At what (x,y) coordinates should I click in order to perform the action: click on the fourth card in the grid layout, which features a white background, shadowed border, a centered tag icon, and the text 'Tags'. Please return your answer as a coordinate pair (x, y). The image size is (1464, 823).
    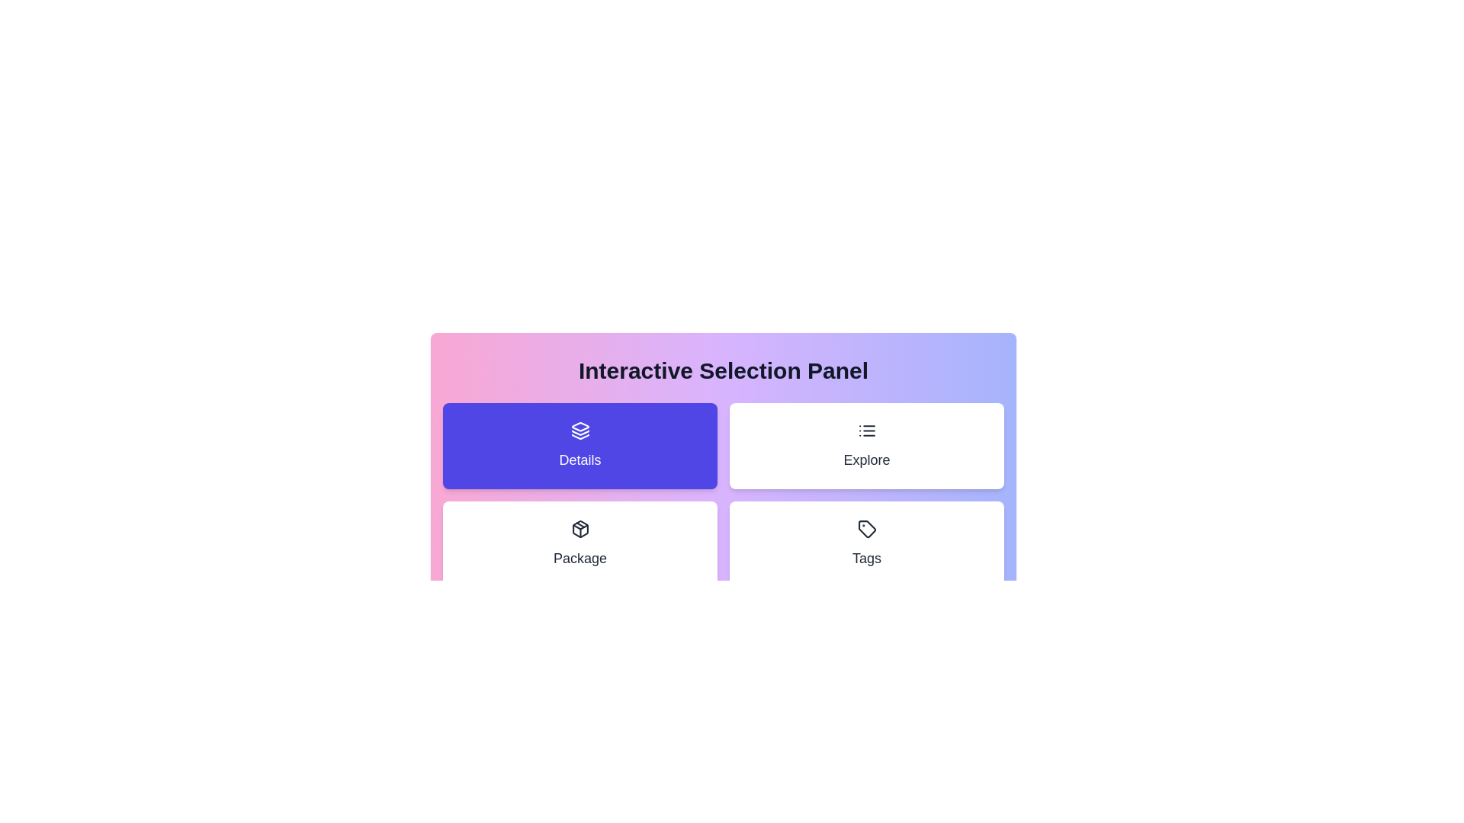
    Looking at the image, I should click on (867, 543).